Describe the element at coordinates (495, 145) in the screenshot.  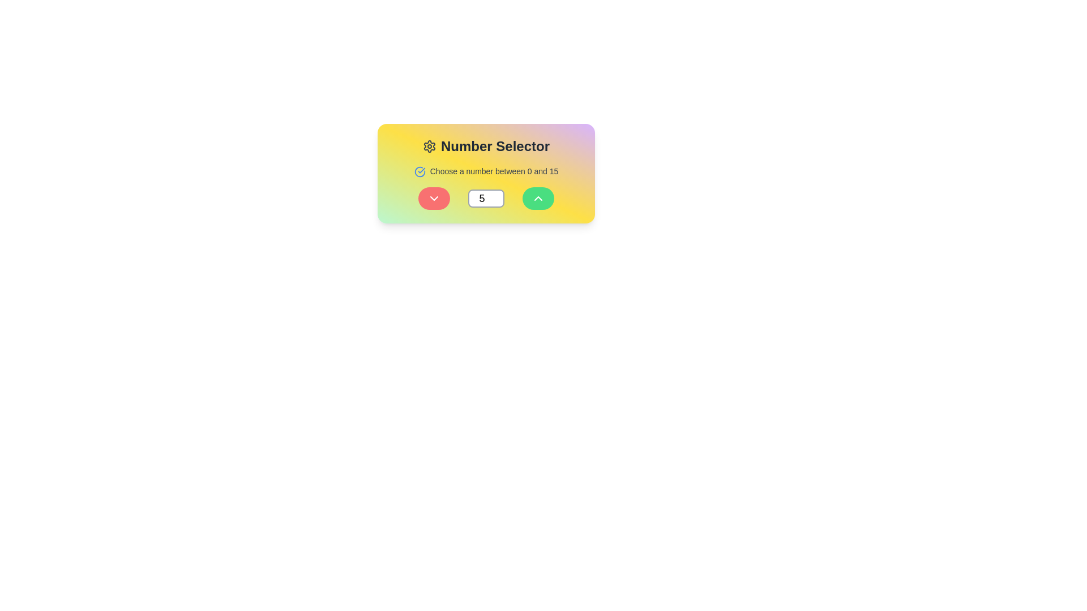
I see `the Text Label that acts as a title for the number selection functionality, positioned to the right of an icon and above other interactive components` at that location.